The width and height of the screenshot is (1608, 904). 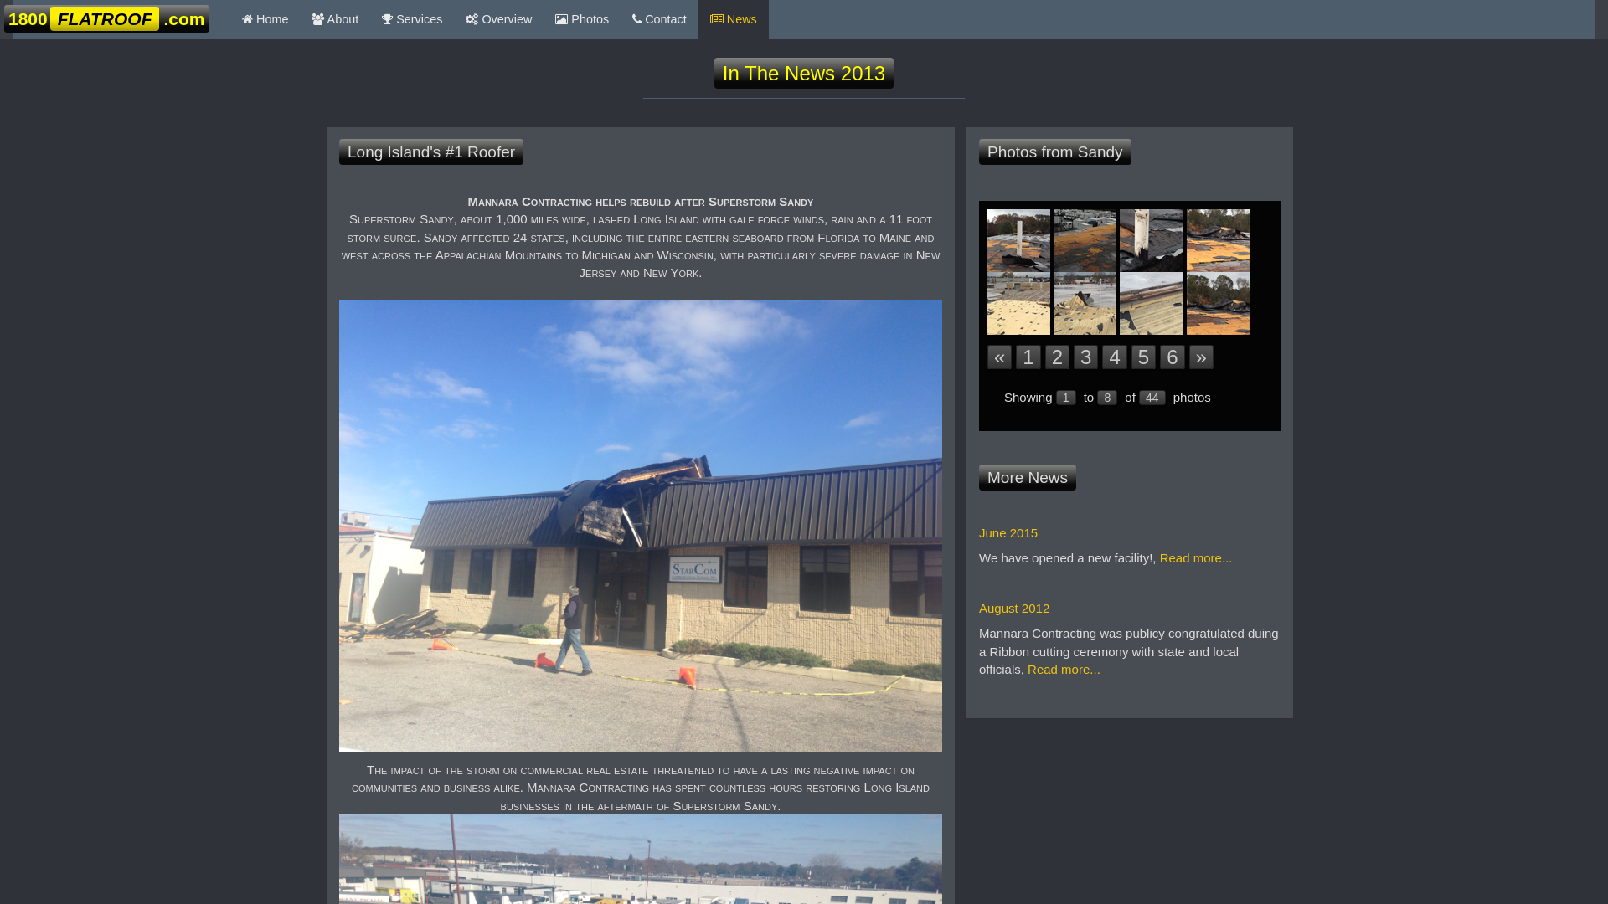 What do you see at coordinates (106, 19) in the screenshot?
I see `'1800FLATROOF.com  '` at bounding box center [106, 19].